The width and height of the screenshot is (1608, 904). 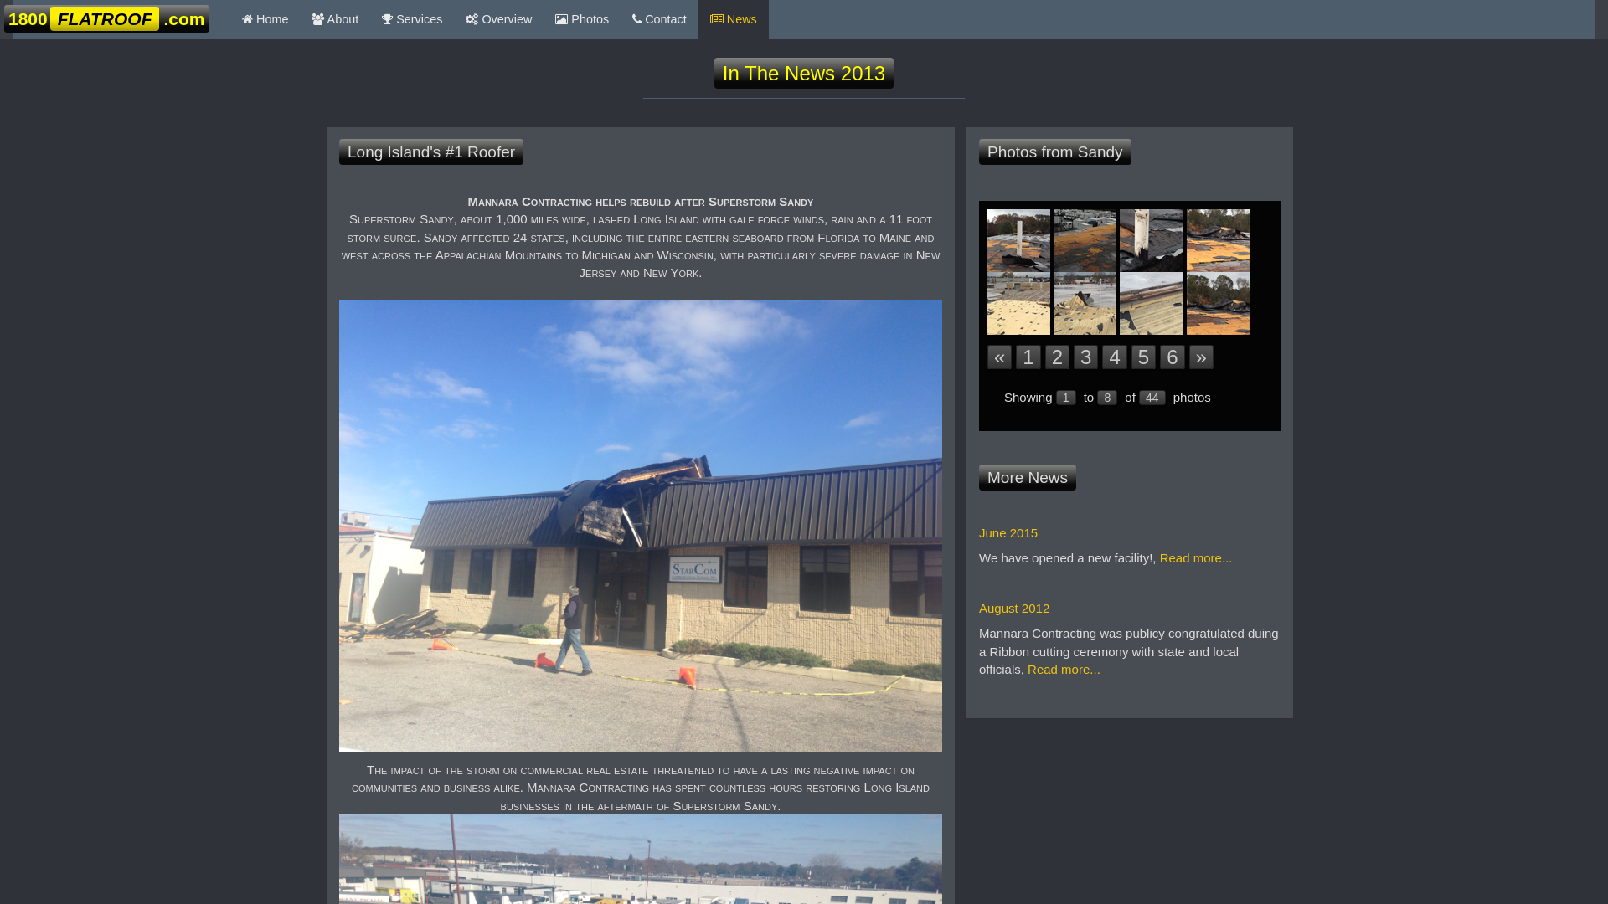 What do you see at coordinates (106, 19) in the screenshot?
I see `'1800FLATROOF.com  '` at bounding box center [106, 19].